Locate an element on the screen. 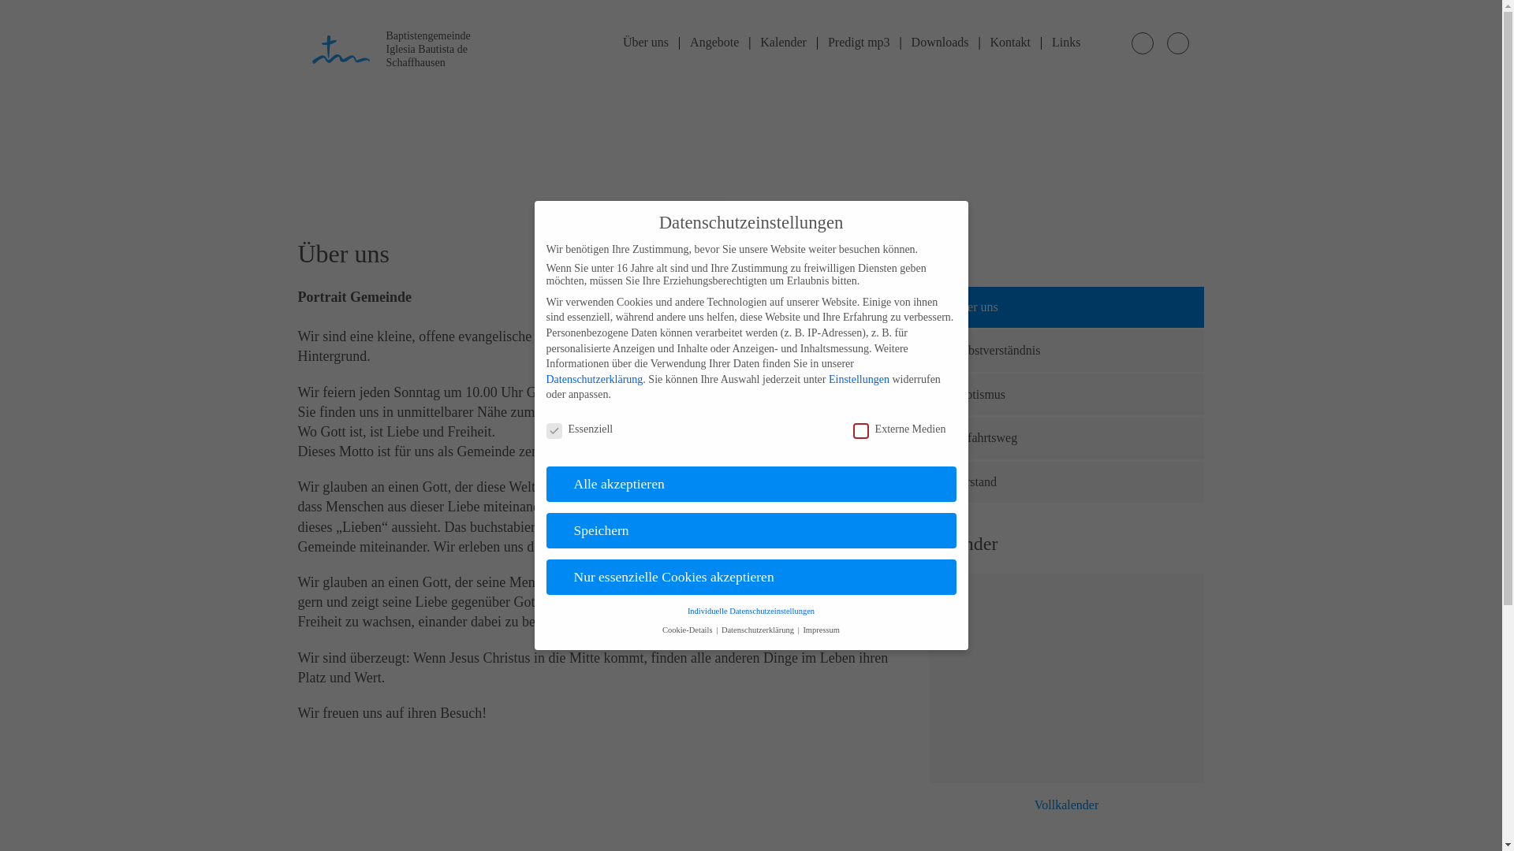  'Cookie-Details' is located at coordinates (688, 629).